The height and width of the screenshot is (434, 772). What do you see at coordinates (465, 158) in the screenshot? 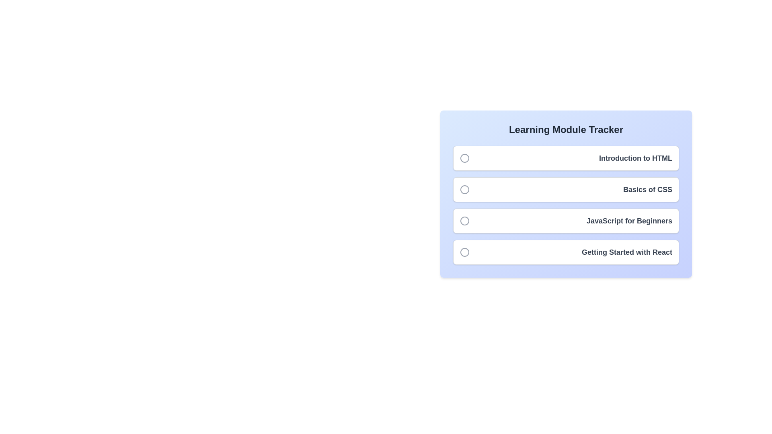
I see `the unselected SVG Circle that represents the option for 'Introduction to HTML' under the 'Learning Module Tracker' heading` at bounding box center [465, 158].